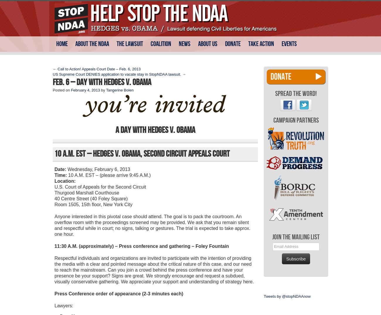 This screenshot has width=381, height=315. What do you see at coordinates (141, 246) in the screenshot?
I see `'11:30 A.M. (approximately) – Press conference and gathering – Foley Fountain'` at bounding box center [141, 246].